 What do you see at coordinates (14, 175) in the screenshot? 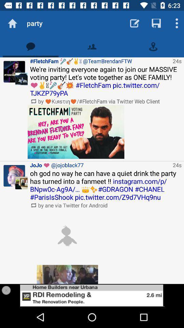
I see `look at user details` at bounding box center [14, 175].